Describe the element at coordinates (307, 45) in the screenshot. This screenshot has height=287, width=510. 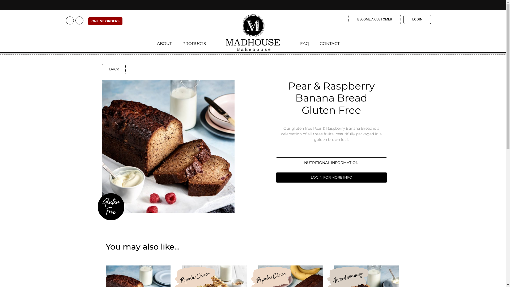
I see `'FAQ'` at that location.